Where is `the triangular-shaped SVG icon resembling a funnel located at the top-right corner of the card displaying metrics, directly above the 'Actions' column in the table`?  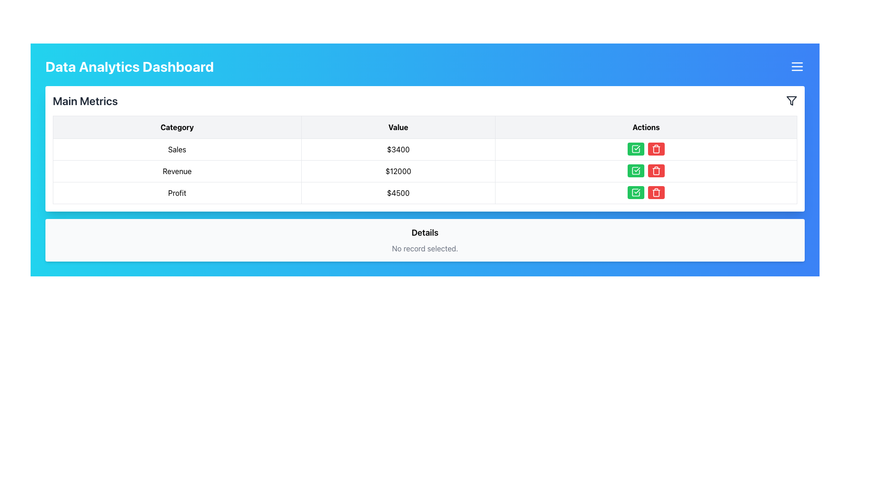
the triangular-shaped SVG icon resembling a funnel located at the top-right corner of the card displaying metrics, directly above the 'Actions' column in the table is located at coordinates (791, 101).